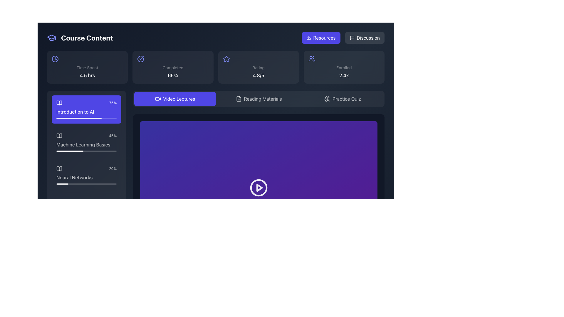 The width and height of the screenshot is (564, 317). Describe the element at coordinates (140, 59) in the screenshot. I see `the checkmark icon encircled in a circular shape, located at the top-center of the user interface within the 'Completed' card` at that location.